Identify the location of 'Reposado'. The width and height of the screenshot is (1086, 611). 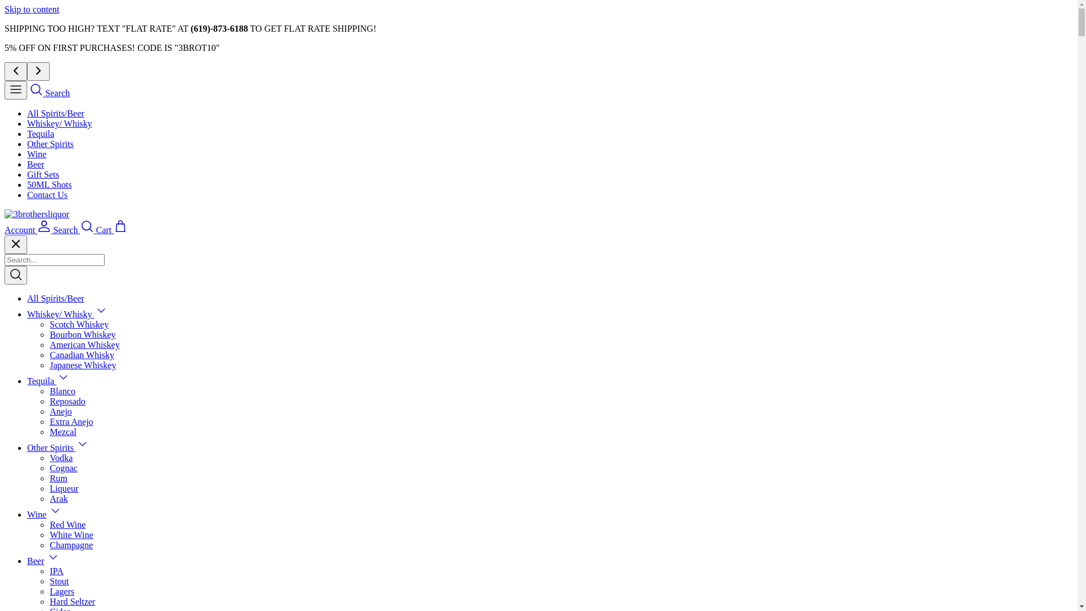
(67, 401).